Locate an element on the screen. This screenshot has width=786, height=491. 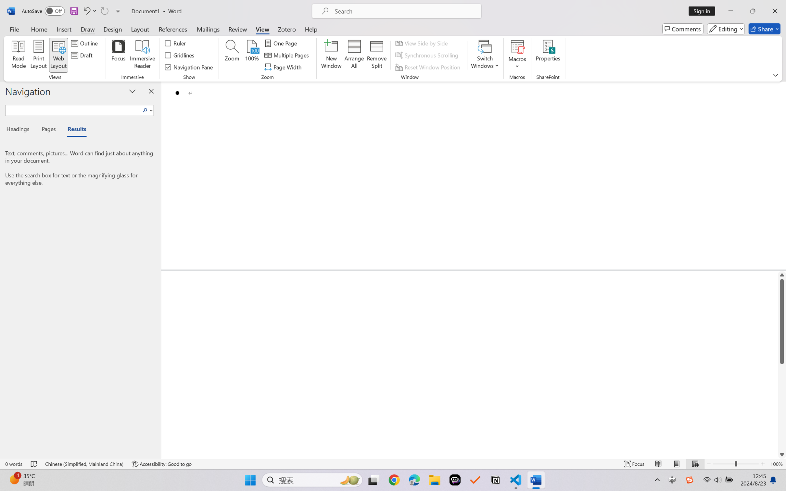
'Headings' is located at coordinates (20, 130).